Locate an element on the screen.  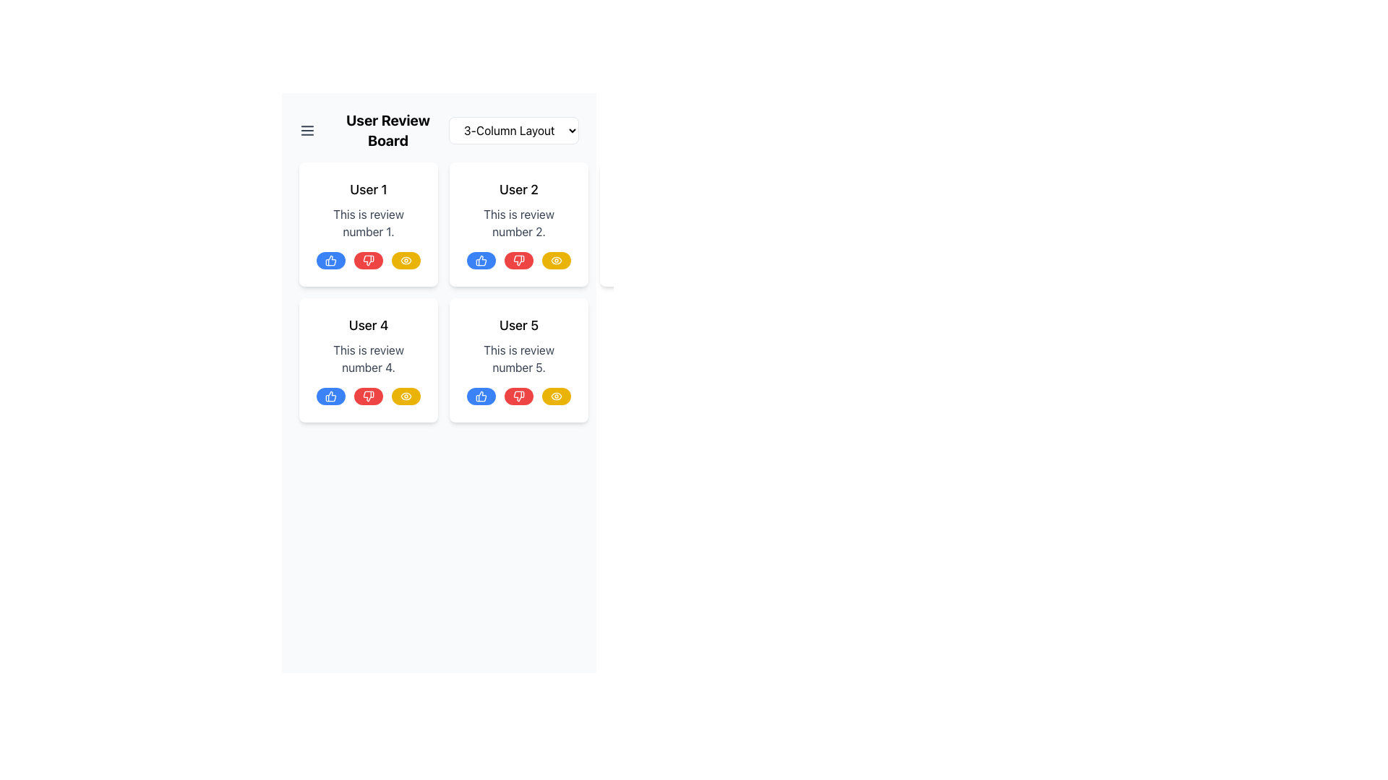
the 'like' or 'upvote' button located at the bottom of the 'User 4' review card is located at coordinates (330, 396).